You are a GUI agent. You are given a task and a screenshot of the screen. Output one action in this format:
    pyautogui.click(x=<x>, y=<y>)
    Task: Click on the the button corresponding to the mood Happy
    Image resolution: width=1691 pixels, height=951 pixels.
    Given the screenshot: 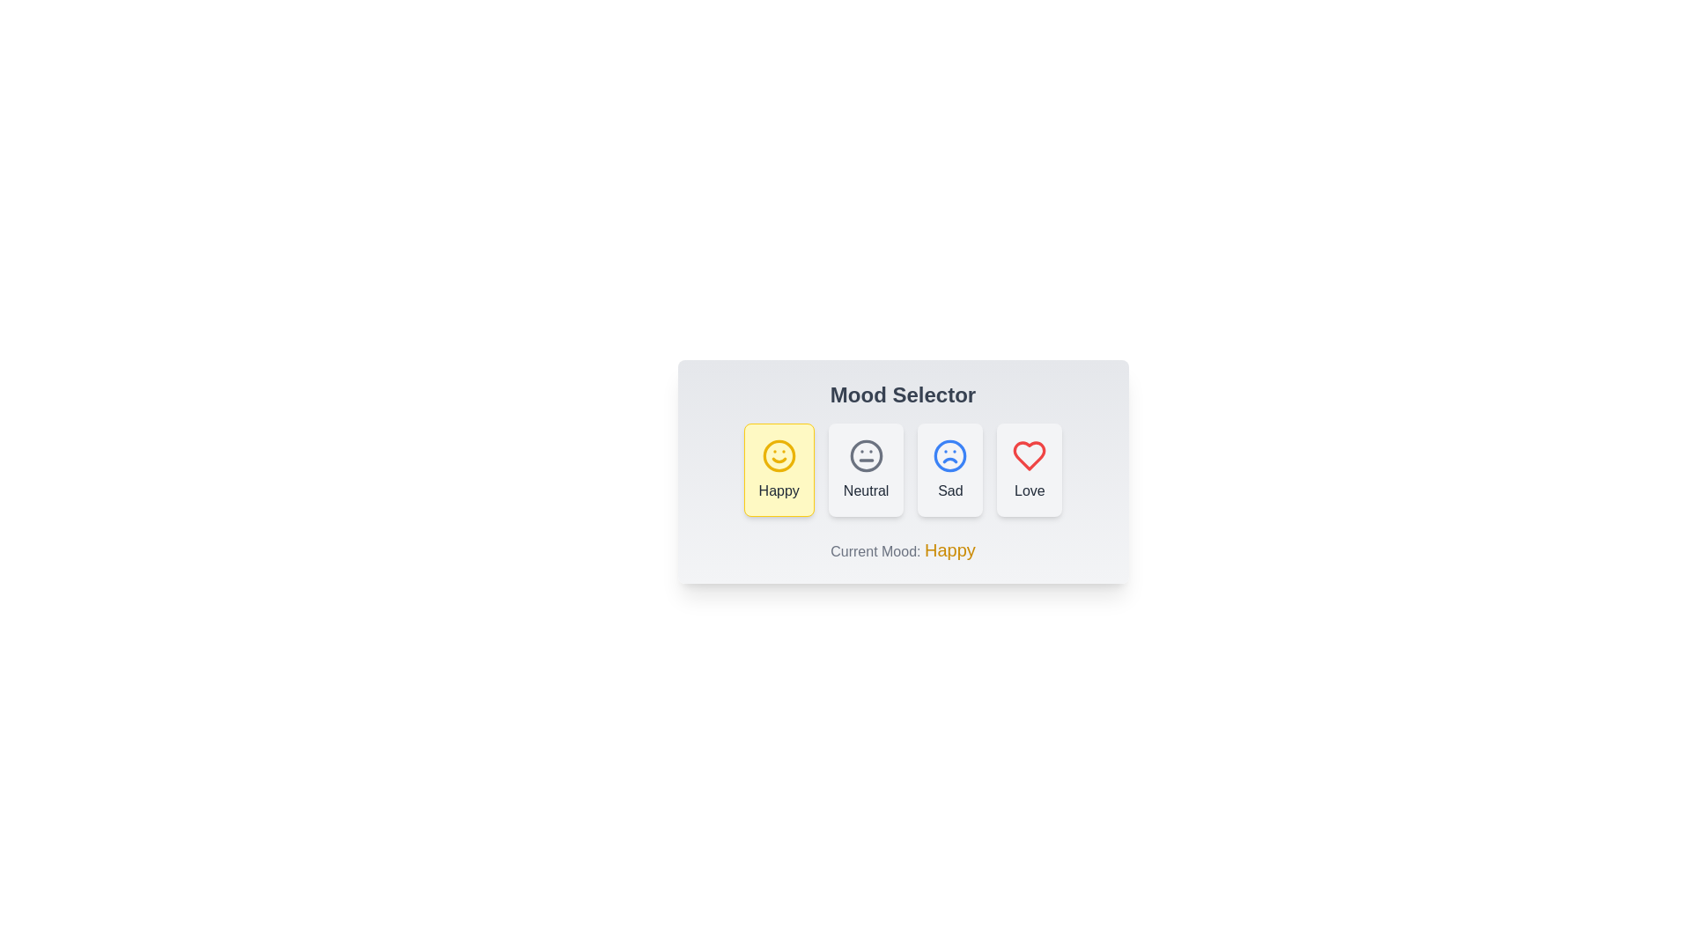 What is the action you would take?
    pyautogui.click(x=778, y=468)
    